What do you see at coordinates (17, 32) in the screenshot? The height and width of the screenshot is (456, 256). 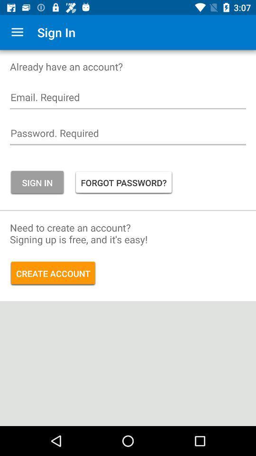 I see `item next to sign in` at bounding box center [17, 32].